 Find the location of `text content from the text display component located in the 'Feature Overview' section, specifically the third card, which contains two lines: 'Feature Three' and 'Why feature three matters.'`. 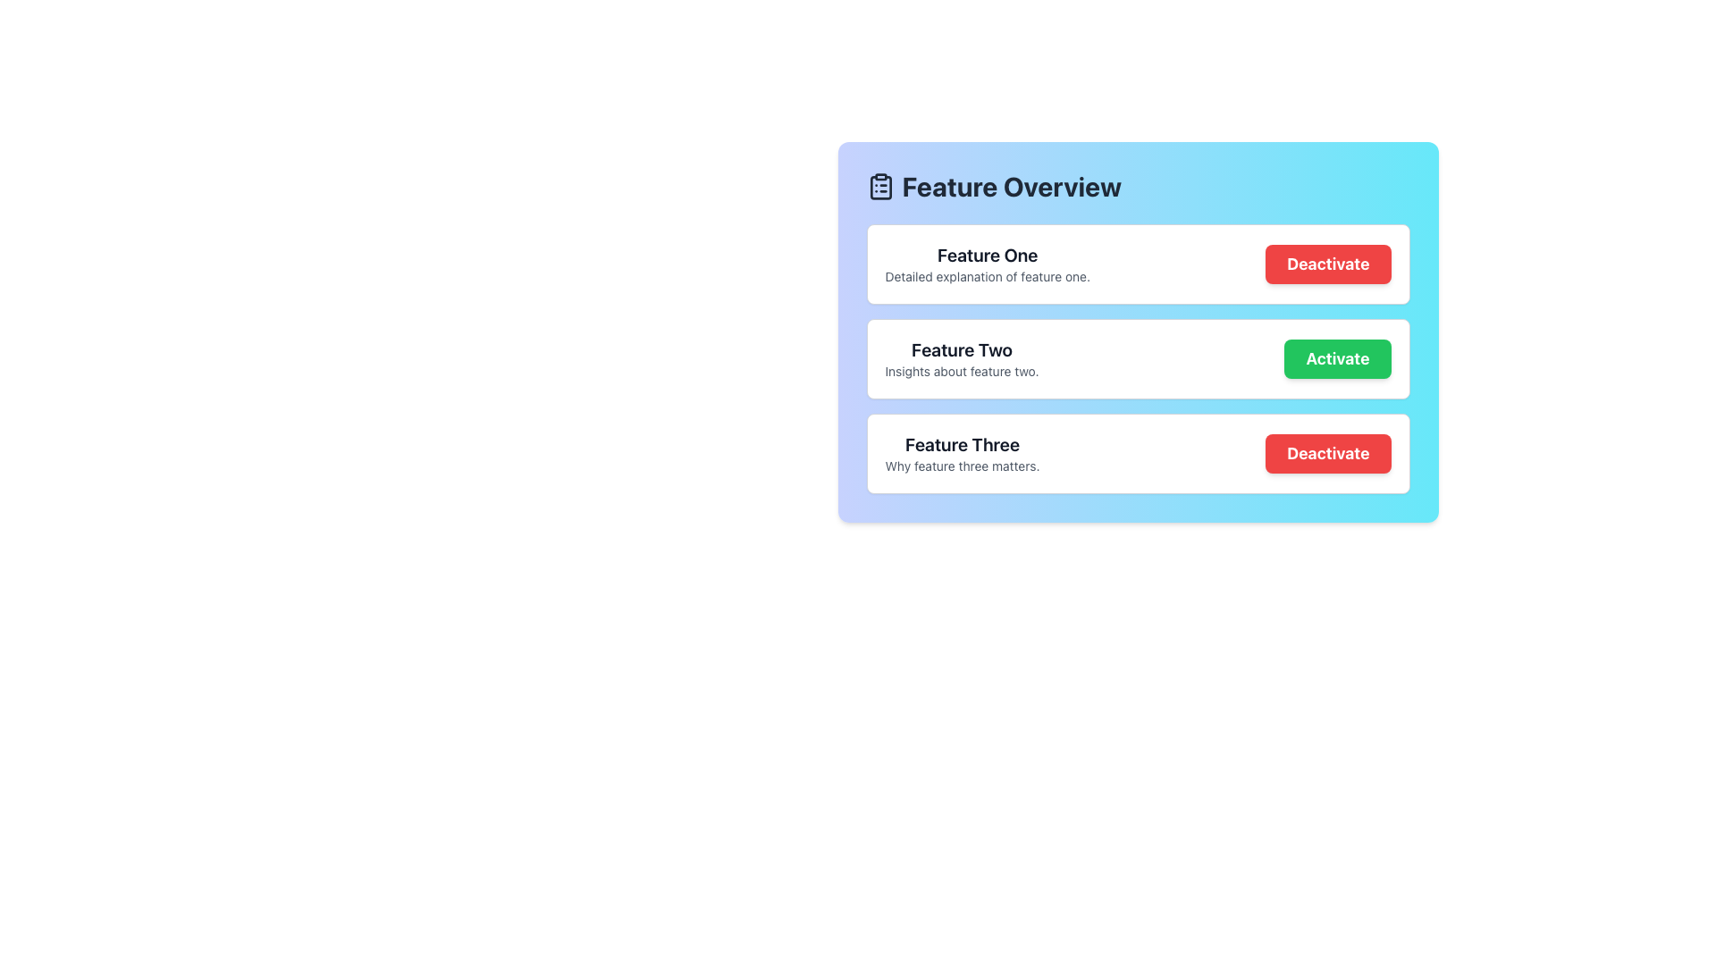

text content from the text display component located in the 'Feature Overview' section, specifically the third card, which contains two lines: 'Feature Three' and 'Why feature three matters.' is located at coordinates (961, 453).